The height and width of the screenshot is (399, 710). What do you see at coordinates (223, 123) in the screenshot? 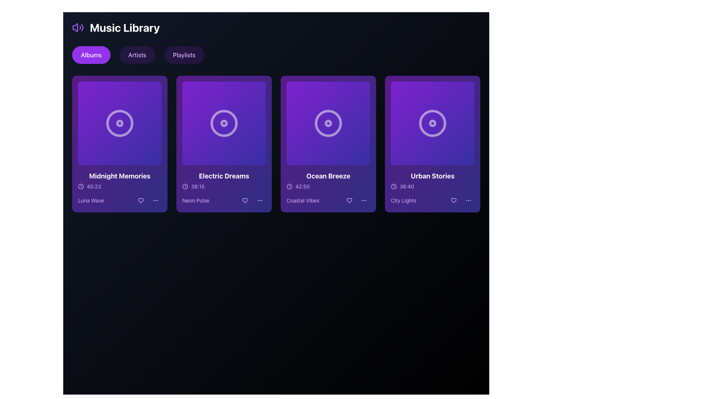
I see `the disc icon representing the music album 'Electric Dreams' located in the second card of the grid layout` at bounding box center [223, 123].